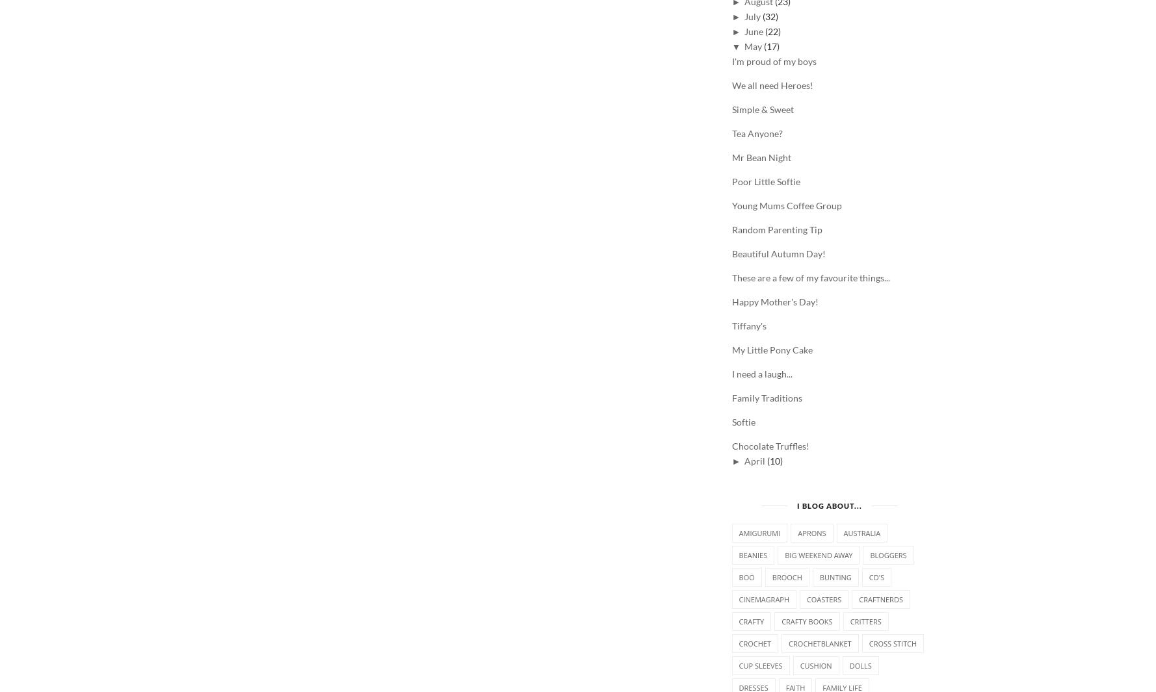 This screenshot has height=692, width=1156. I want to click on '(22)', so click(772, 30).